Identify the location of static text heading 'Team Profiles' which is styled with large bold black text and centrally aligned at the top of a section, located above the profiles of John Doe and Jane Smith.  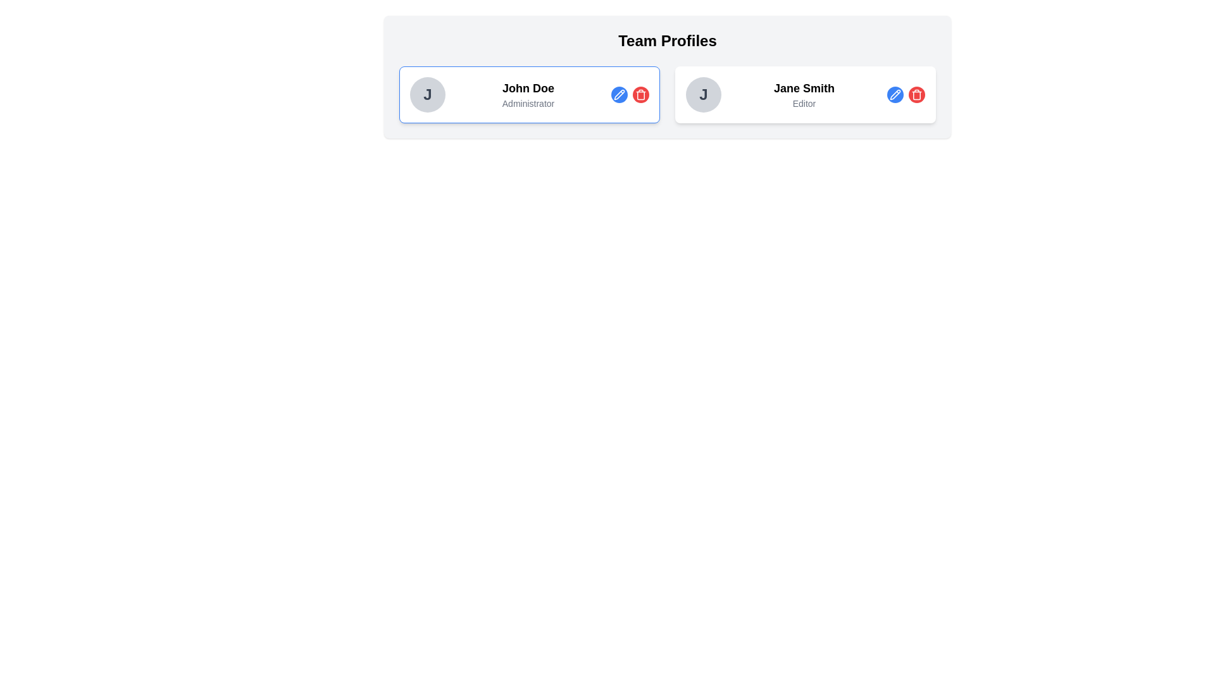
(667, 40).